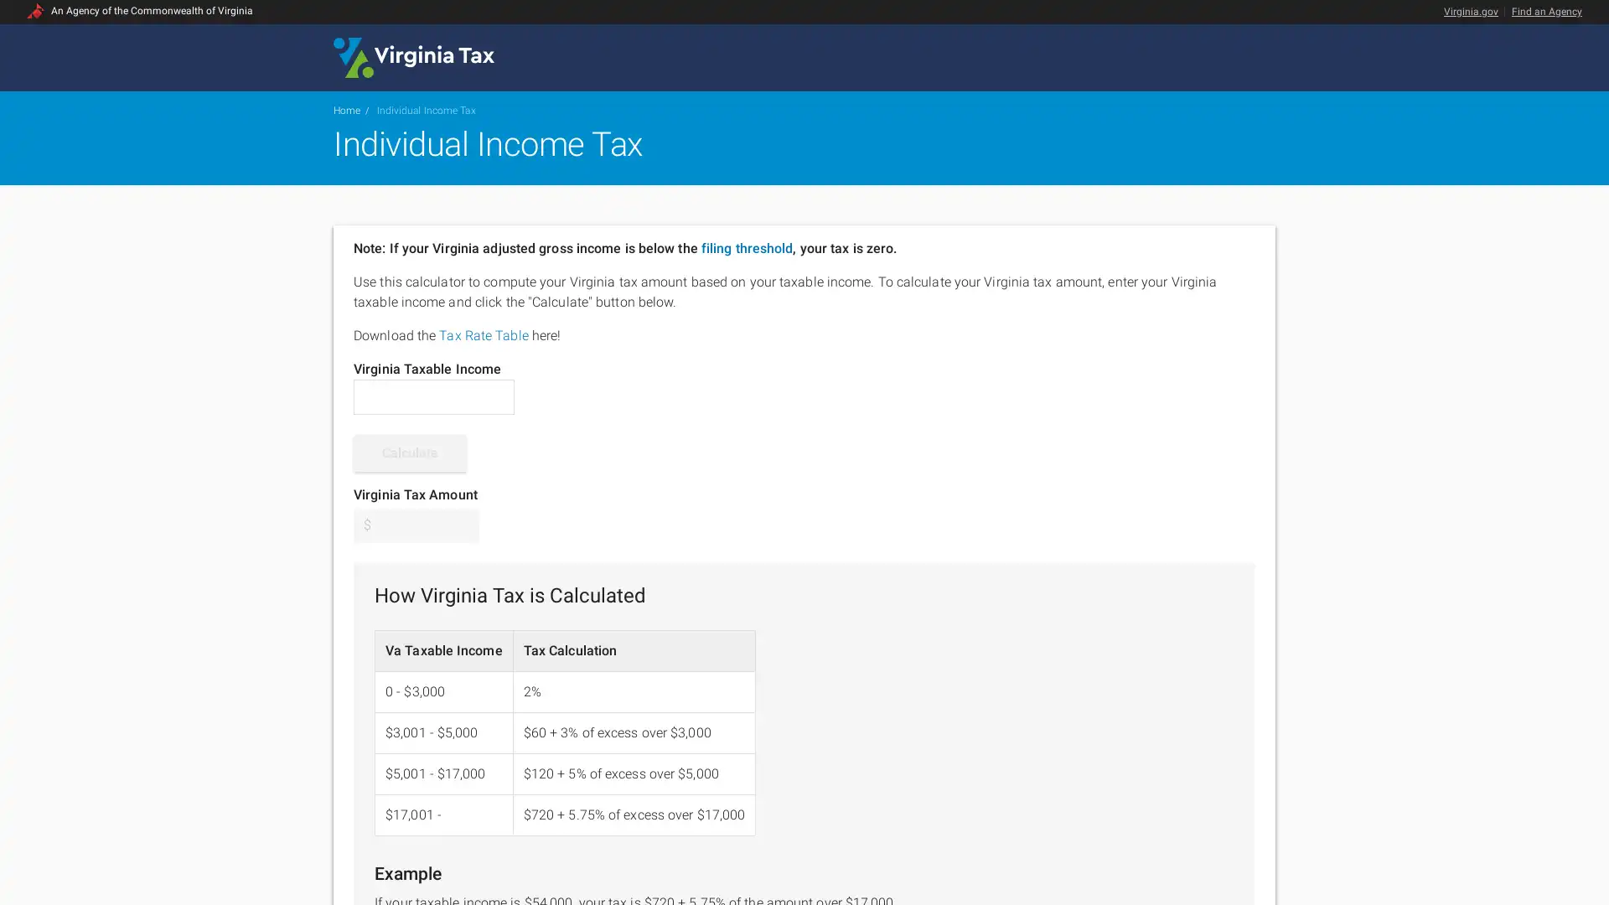  Describe the element at coordinates (410, 452) in the screenshot. I see `Calculate` at that location.